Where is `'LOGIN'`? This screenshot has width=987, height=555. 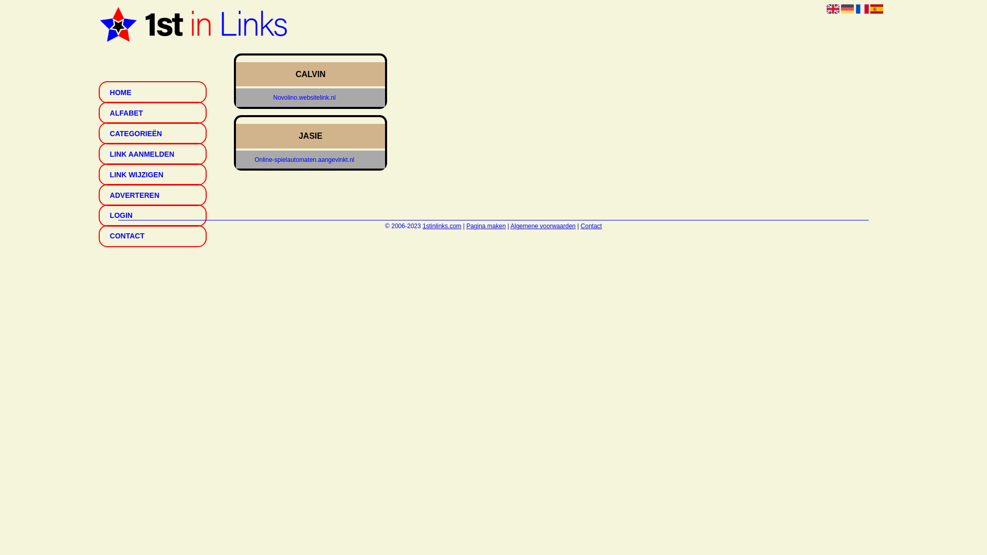 'LOGIN' is located at coordinates (152, 215).